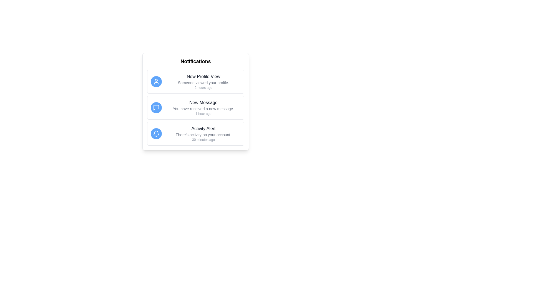 This screenshot has width=533, height=299. What do you see at coordinates (196, 101) in the screenshot?
I see `the Notification list element that displays notifications styled in a white box with rounded corners, containing sections for each notification with an icon, title, description, and timestamp` at bounding box center [196, 101].